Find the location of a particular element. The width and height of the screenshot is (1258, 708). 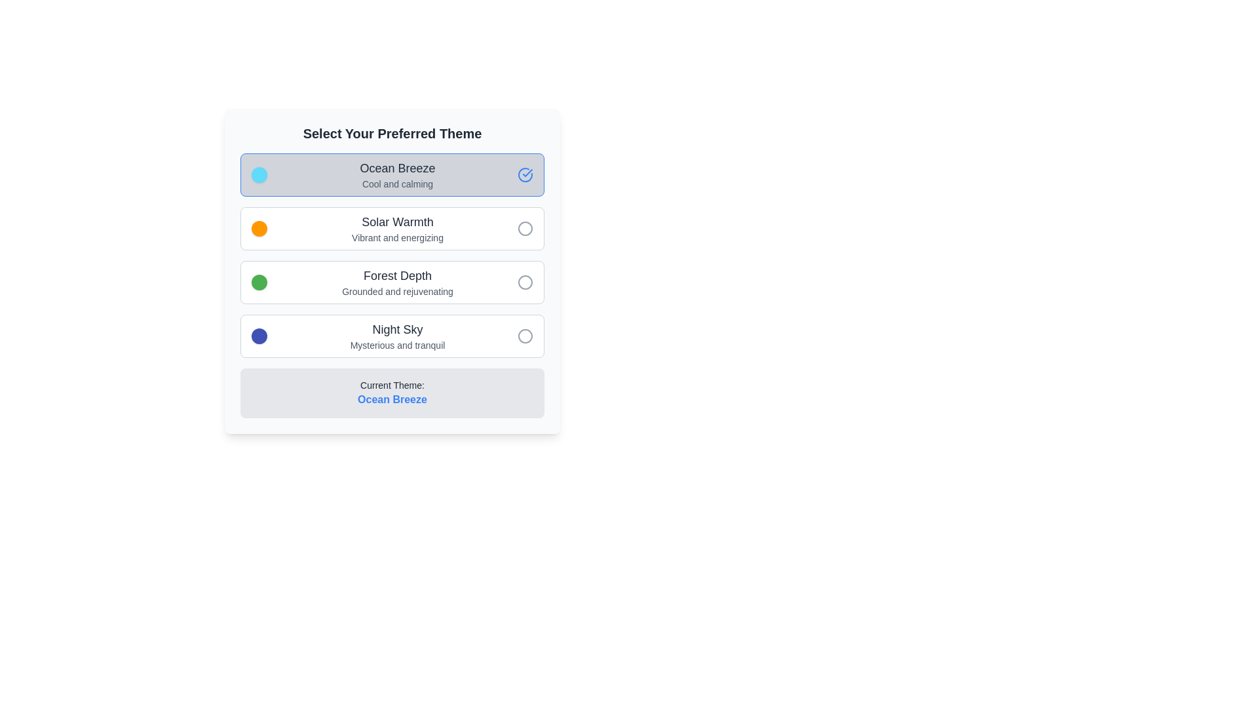

the 'Current Theme:' label, which is a smaller, gray-colored text label located at the top of the theme selection section is located at coordinates (392, 384).